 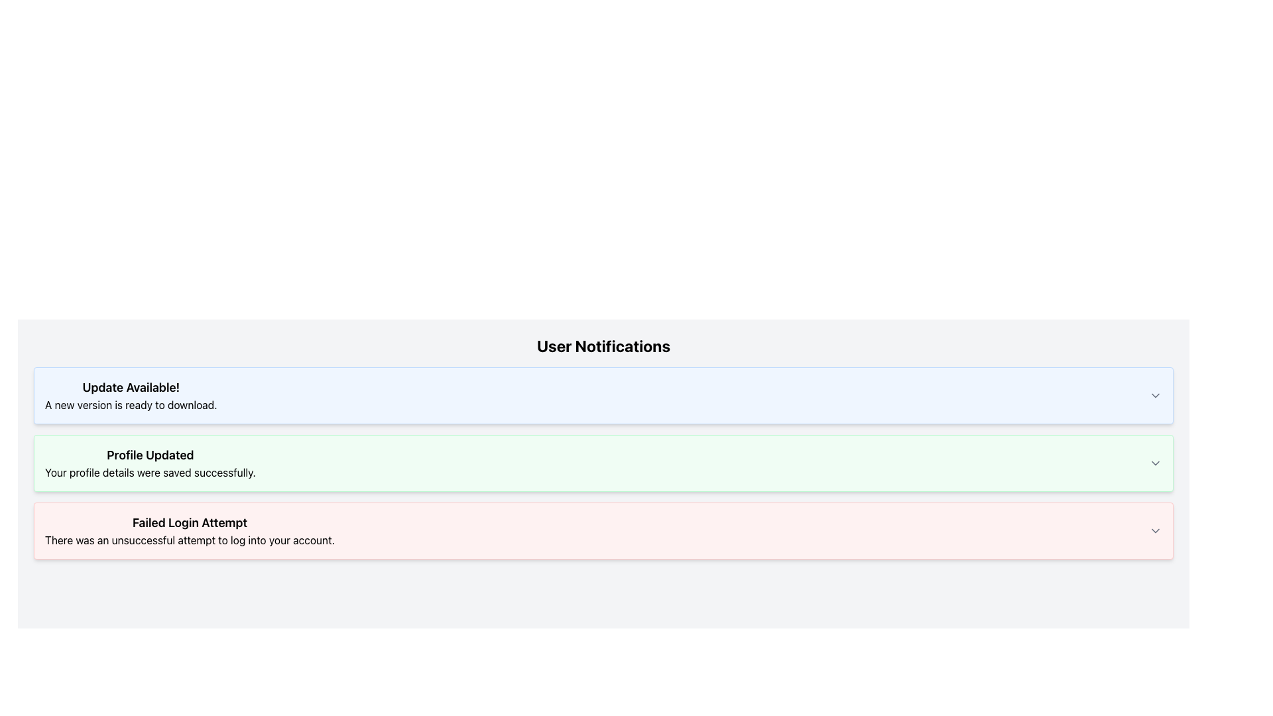 I want to click on text 'Failed Login Attempt' which is styled in bold font and positioned above smaller explanatory text in a light red notification card, specifically the third card from the top, so click(x=189, y=522).